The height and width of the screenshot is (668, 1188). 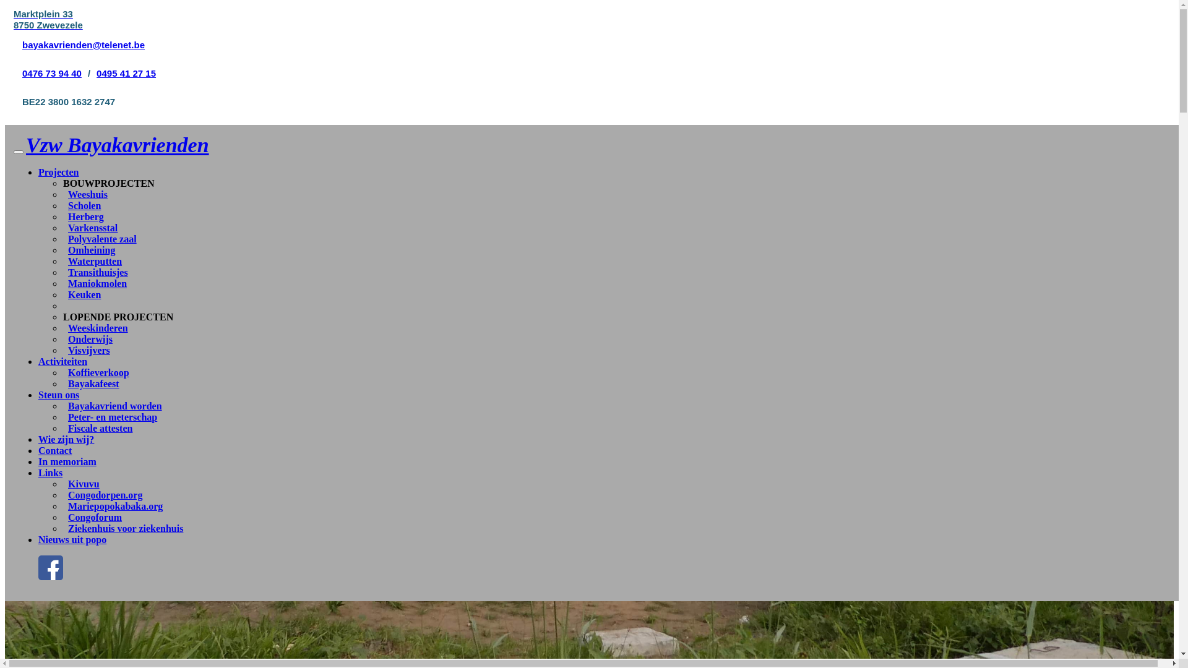 What do you see at coordinates (103, 494) in the screenshot?
I see `'Congodorpen.org'` at bounding box center [103, 494].